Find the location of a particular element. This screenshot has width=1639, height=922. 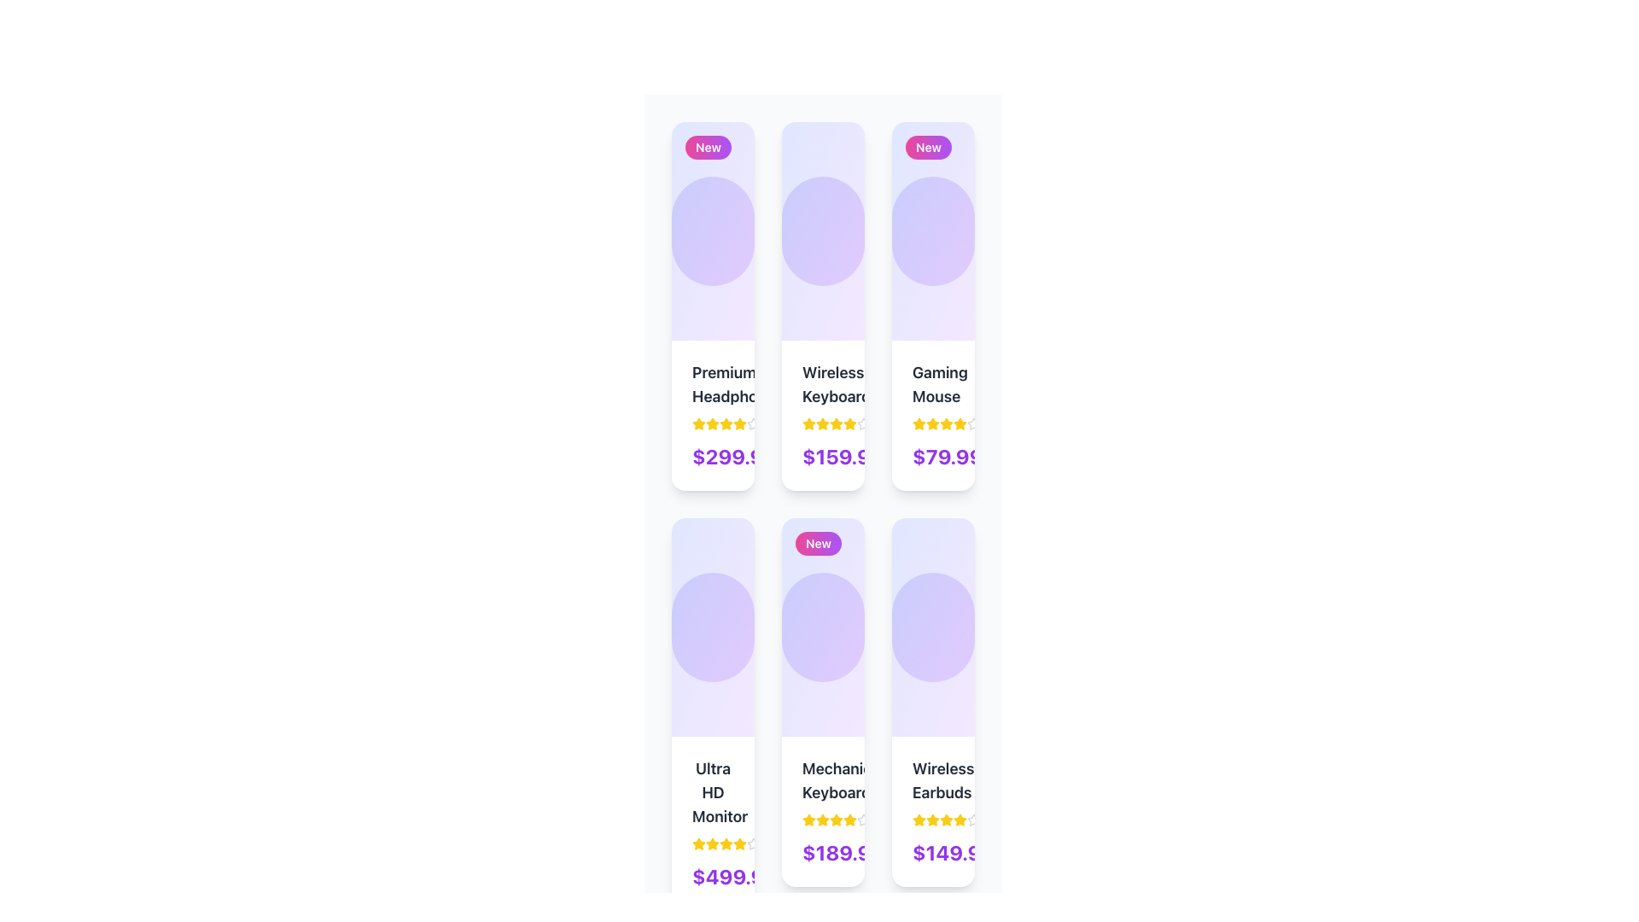

the 'Wireless Keyboard' product card, which has a gradient background and a circular image placeholder is located at coordinates (823, 305).